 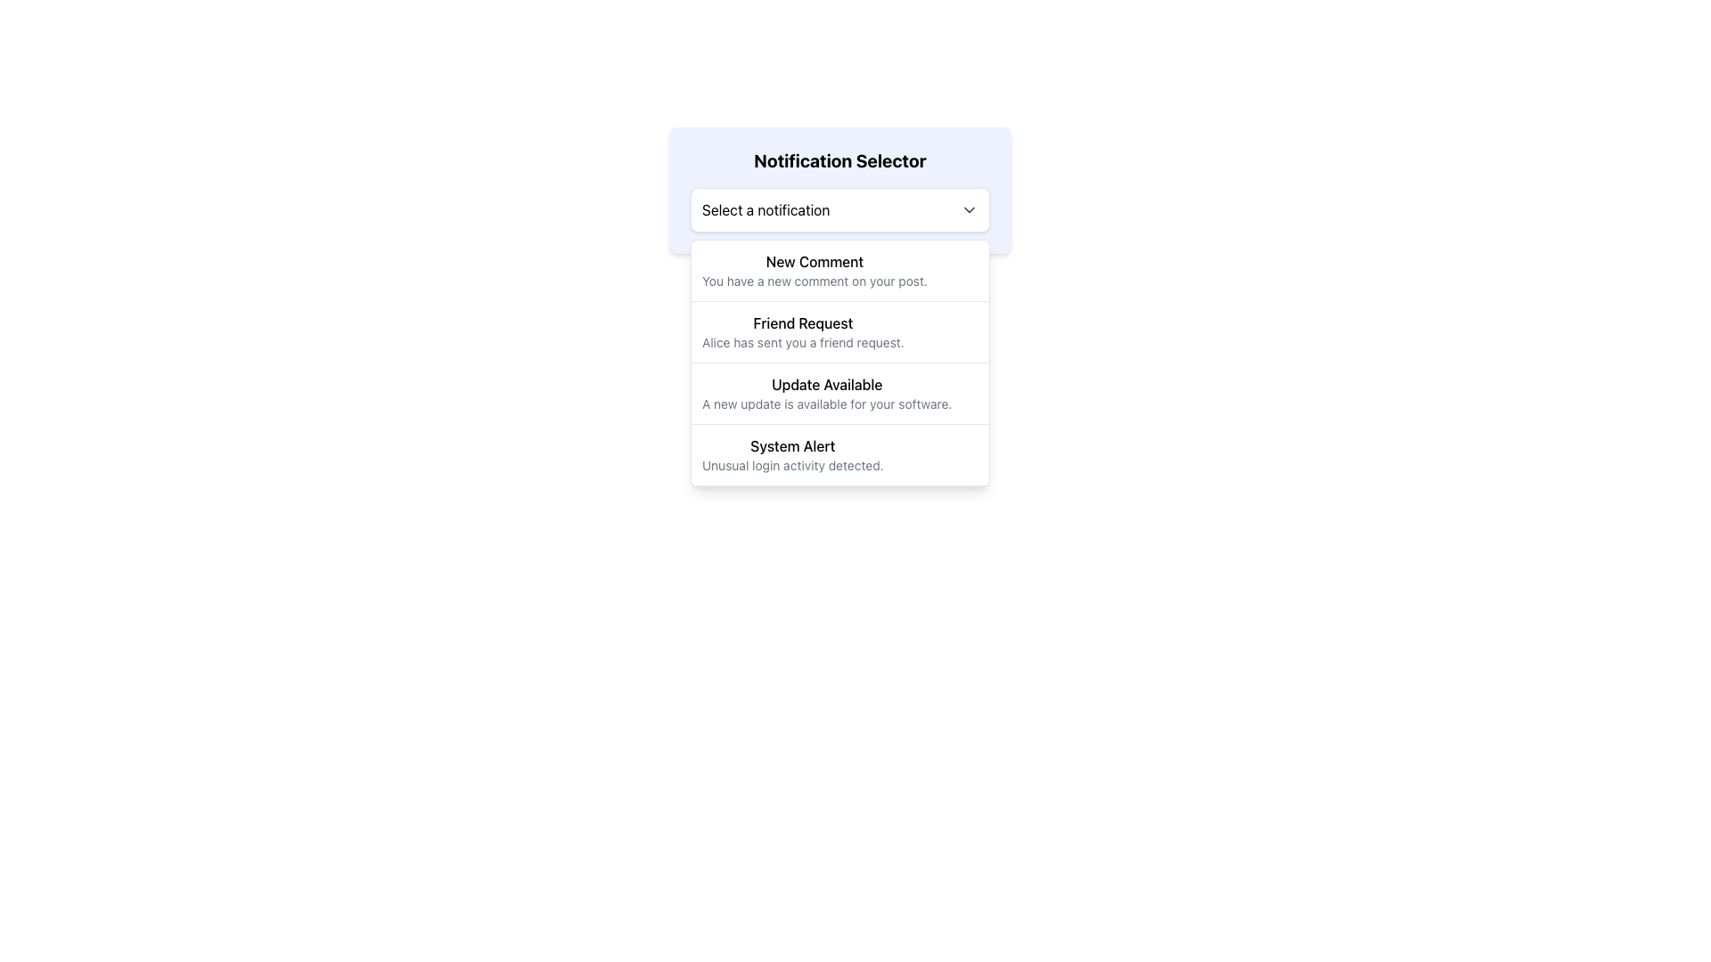 I want to click on text label that informs the user about unusual login activity, located under the 'System Alert' title in the notification dropdown box, so click(x=791, y=465).